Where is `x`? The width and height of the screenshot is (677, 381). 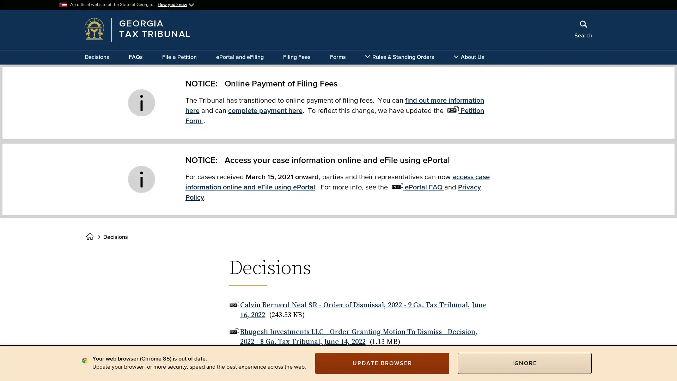 x is located at coordinates (152, 115).